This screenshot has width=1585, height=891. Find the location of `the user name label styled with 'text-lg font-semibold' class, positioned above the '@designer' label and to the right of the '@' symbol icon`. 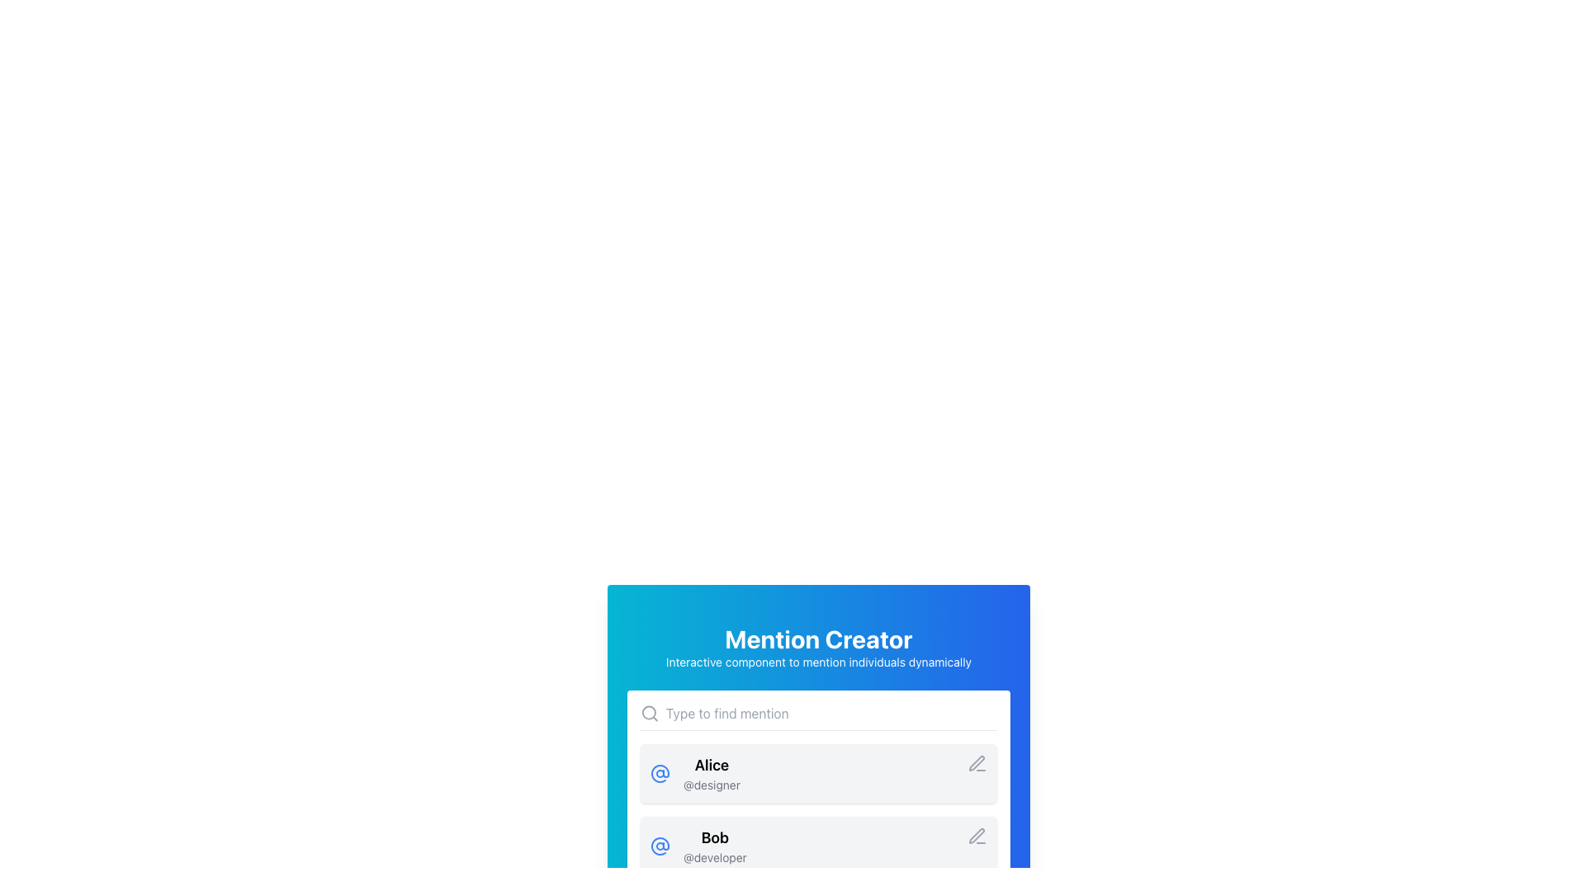

the user name label styled with 'text-lg font-semibold' class, positioned above the '@designer' label and to the right of the '@' symbol icon is located at coordinates (712, 766).